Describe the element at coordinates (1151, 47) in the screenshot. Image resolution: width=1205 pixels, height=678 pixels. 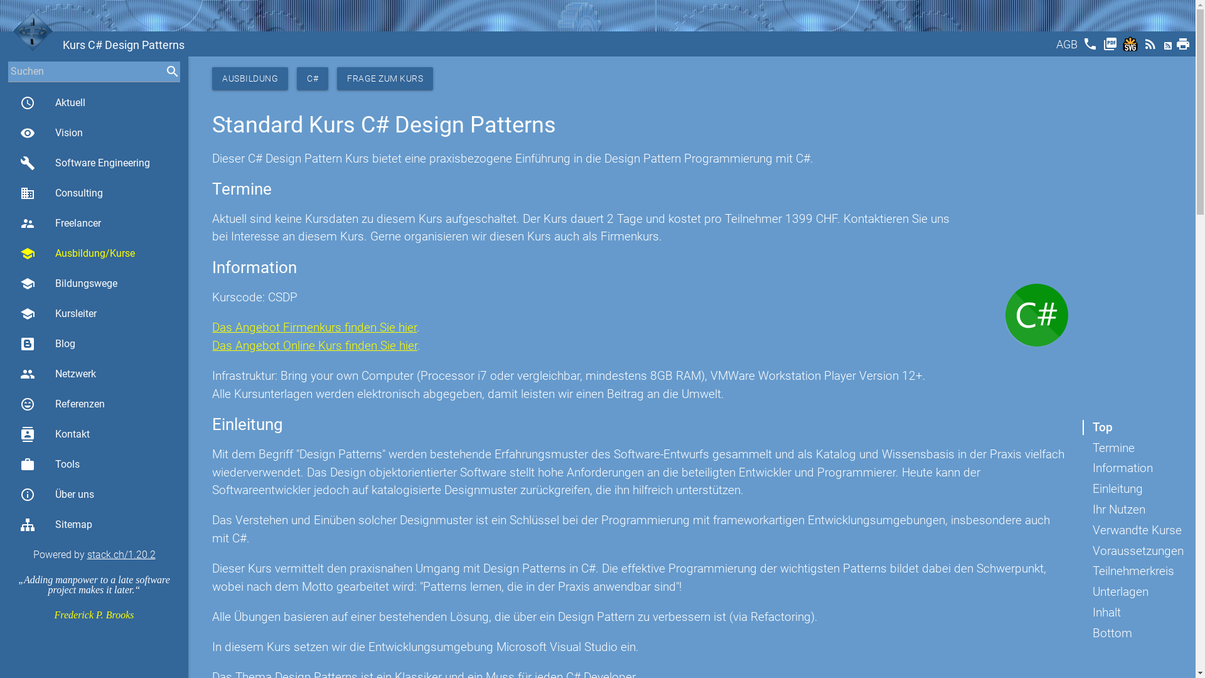
I see `'rss_feed'` at that location.